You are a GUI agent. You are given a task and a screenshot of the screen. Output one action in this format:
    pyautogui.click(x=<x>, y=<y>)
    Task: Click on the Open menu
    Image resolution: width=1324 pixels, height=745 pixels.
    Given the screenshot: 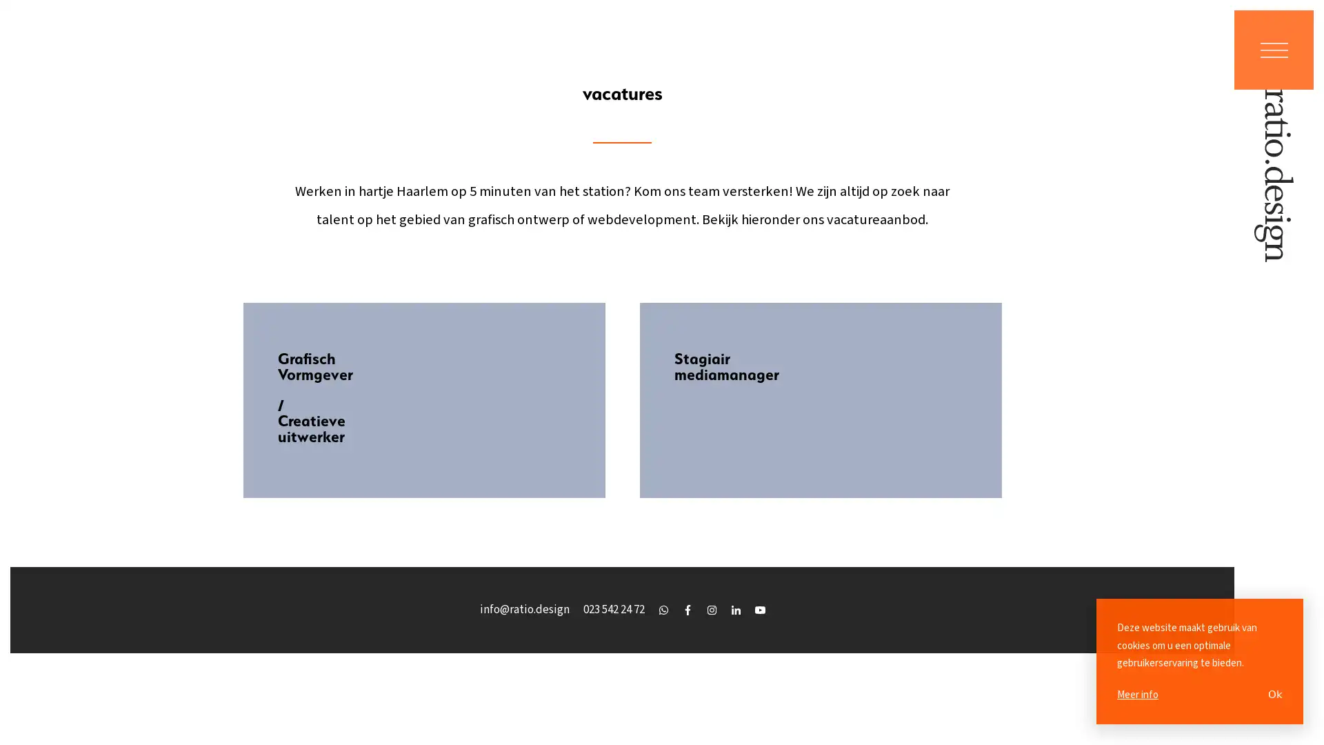 What is the action you would take?
    pyautogui.click(x=1273, y=49)
    